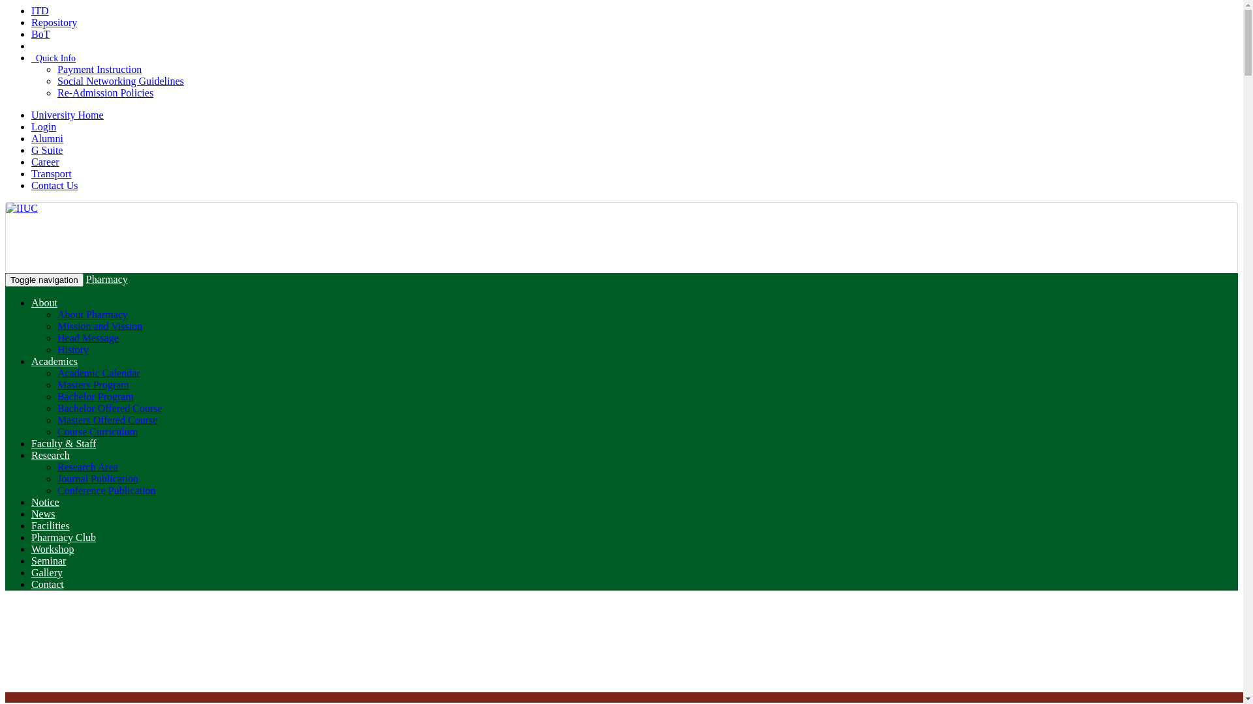 The image size is (1253, 704). What do you see at coordinates (72, 349) in the screenshot?
I see `'History'` at bounding box center [72, 349].